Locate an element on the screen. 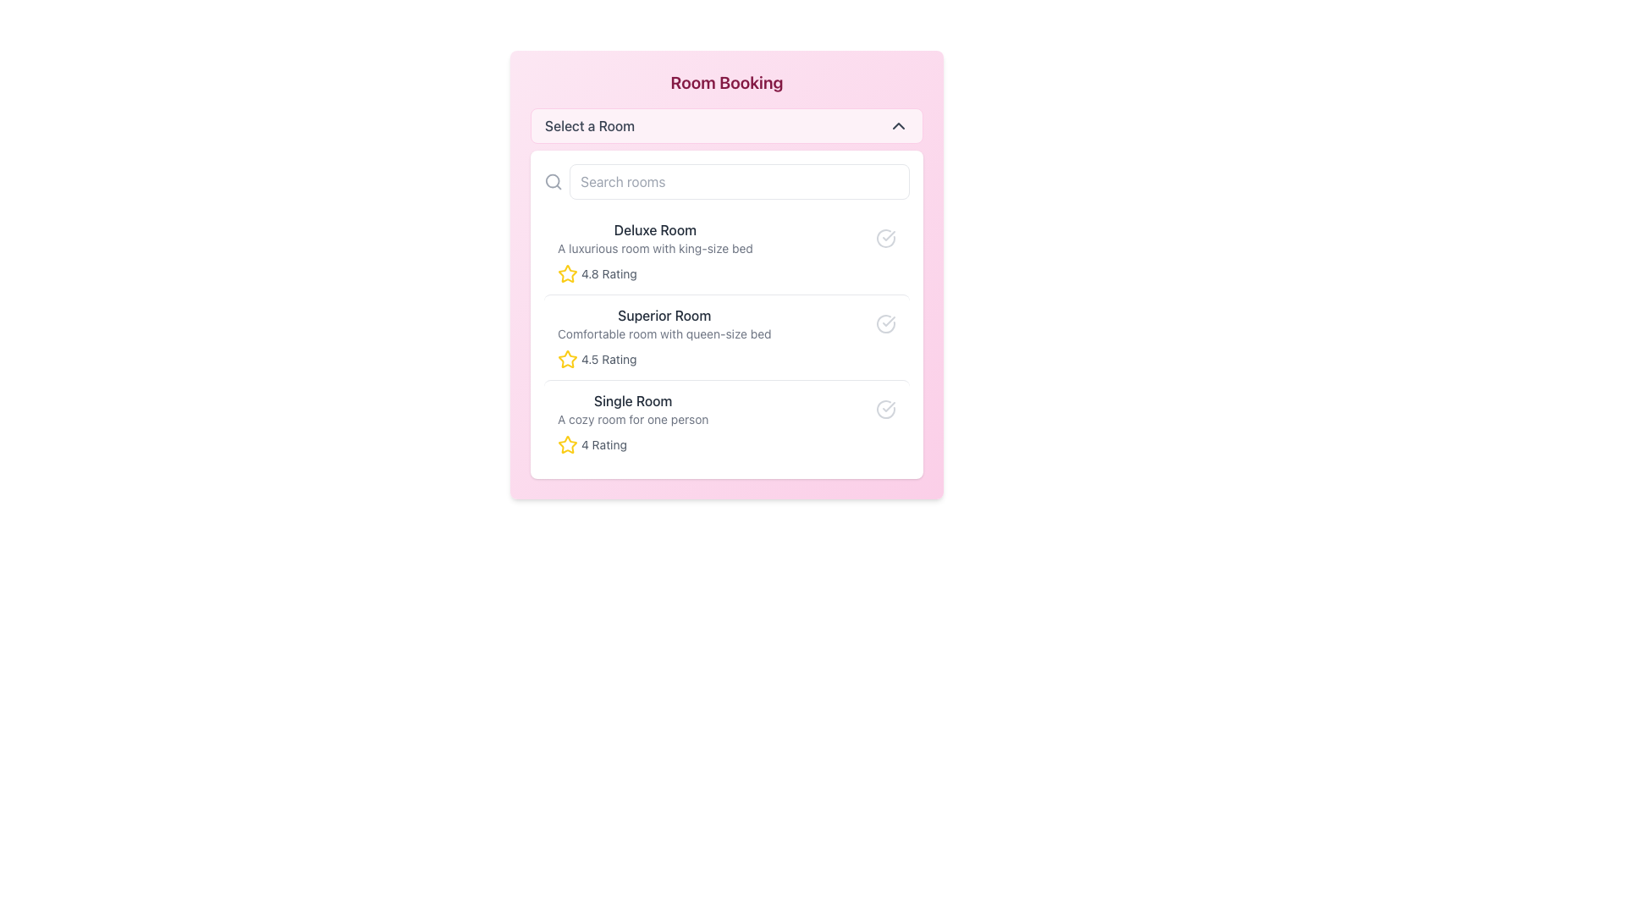 This screenshot has width=1625, height=914. descriptive text label element located directly beneath the 'Superior Room' title, which specifies the type of bed in the room is located at coordinates (664, 333).